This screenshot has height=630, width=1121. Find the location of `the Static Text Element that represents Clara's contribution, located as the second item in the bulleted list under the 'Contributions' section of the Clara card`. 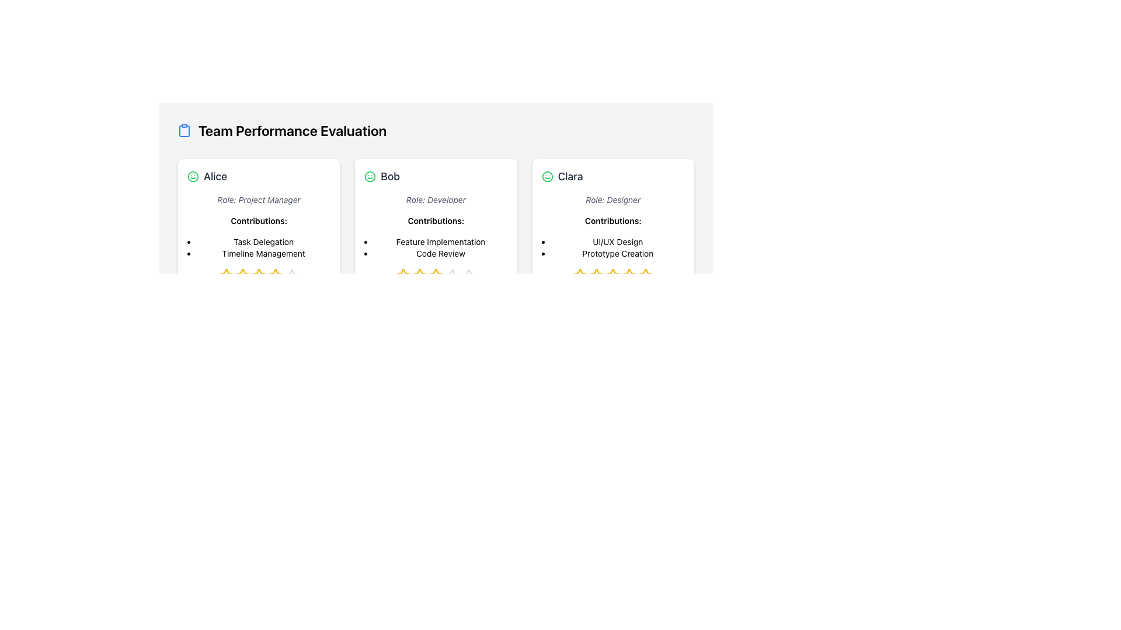

the Static Text Element that represents Clara's contribution, located as the second item in the bulleted list under the 'Contributions' section of the Clara card is located at coordinates (617, 253).